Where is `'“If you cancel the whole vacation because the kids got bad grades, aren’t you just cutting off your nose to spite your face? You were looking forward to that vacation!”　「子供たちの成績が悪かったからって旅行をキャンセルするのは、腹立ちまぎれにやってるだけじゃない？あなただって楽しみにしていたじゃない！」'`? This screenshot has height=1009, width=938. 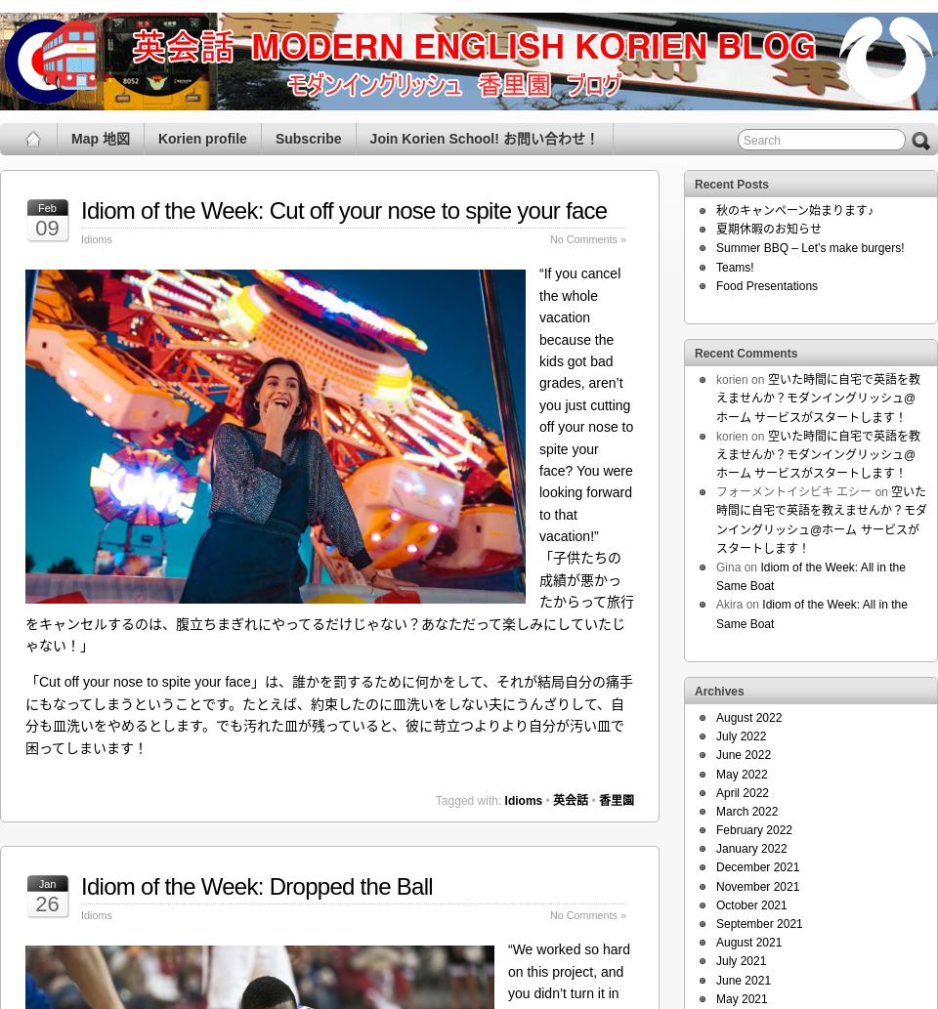
'“If you cancel the whole vacation because the kids got bad grades, aren’t you just cutting off your nose to spite your face? You were looking forward to that vacation!”　「子供たちの成績が悪かったからって旅行をキャンセルするのは、腹立ちまぎれにやってるだけじゃない？あなただって楽しみにしていたじゃない！」' is located at coordinates (24, 459).